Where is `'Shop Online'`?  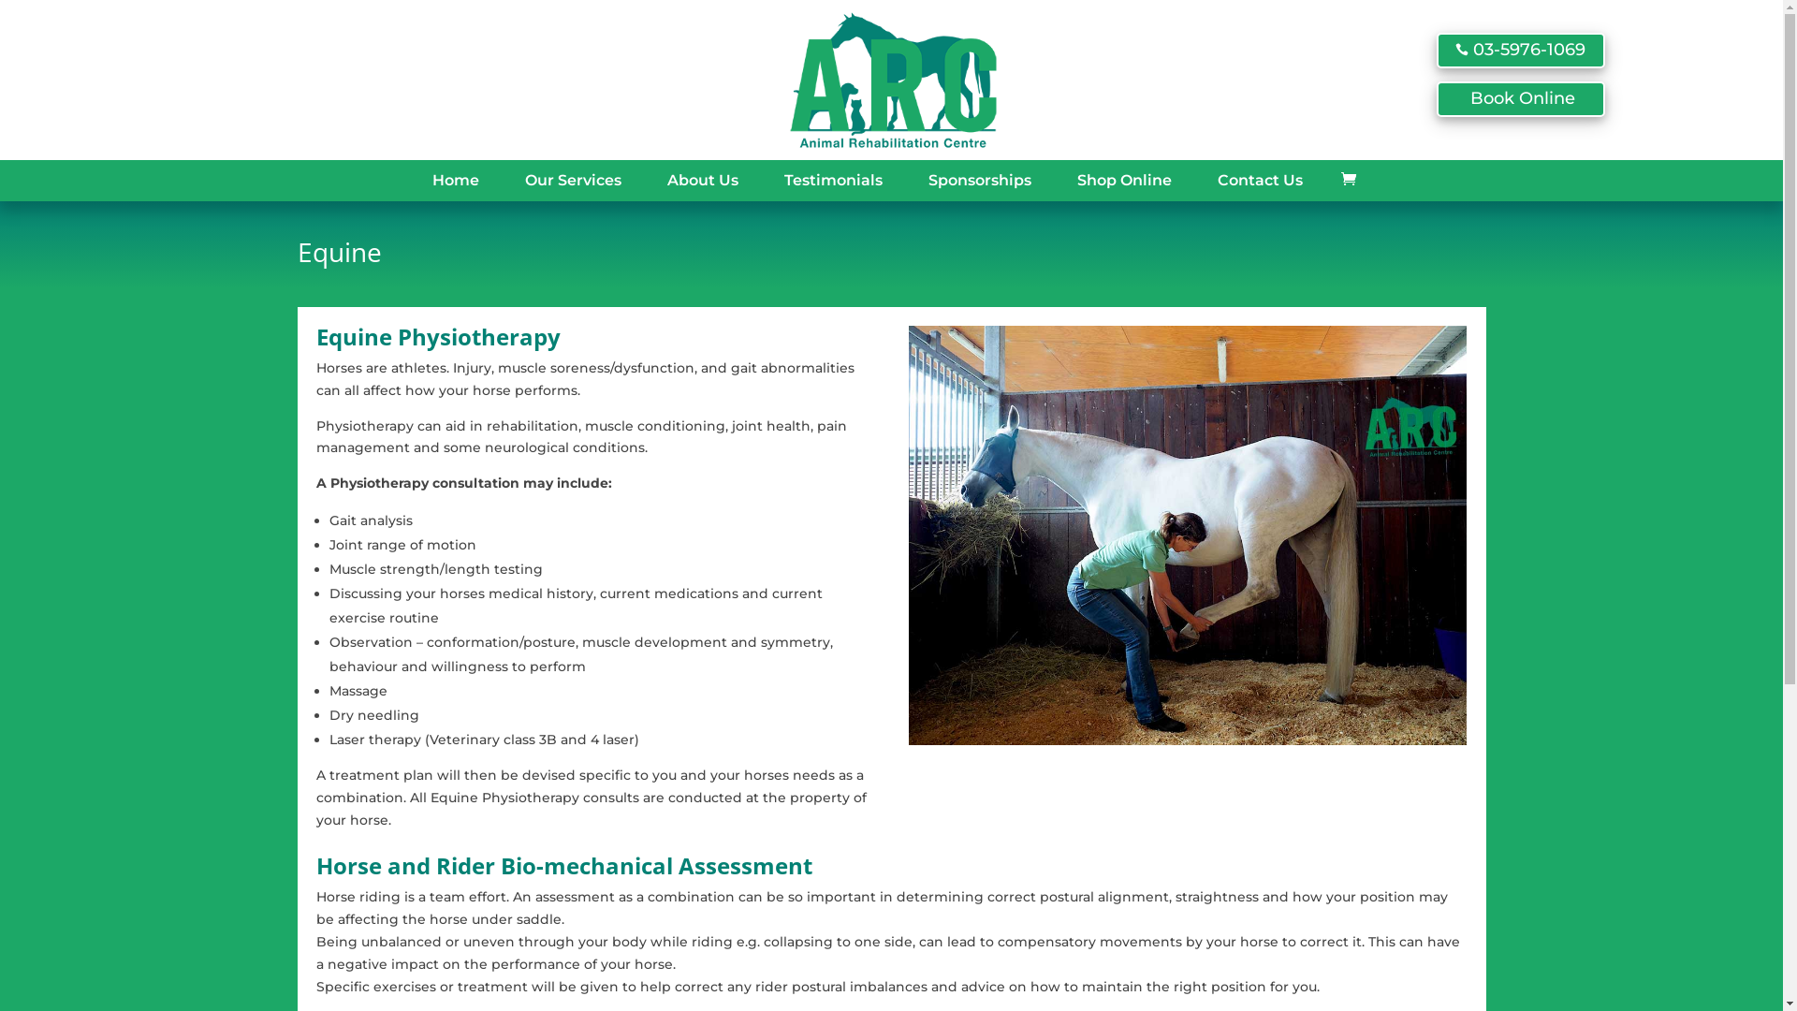 'Shop Online' is located at coordinates (1123, 180).